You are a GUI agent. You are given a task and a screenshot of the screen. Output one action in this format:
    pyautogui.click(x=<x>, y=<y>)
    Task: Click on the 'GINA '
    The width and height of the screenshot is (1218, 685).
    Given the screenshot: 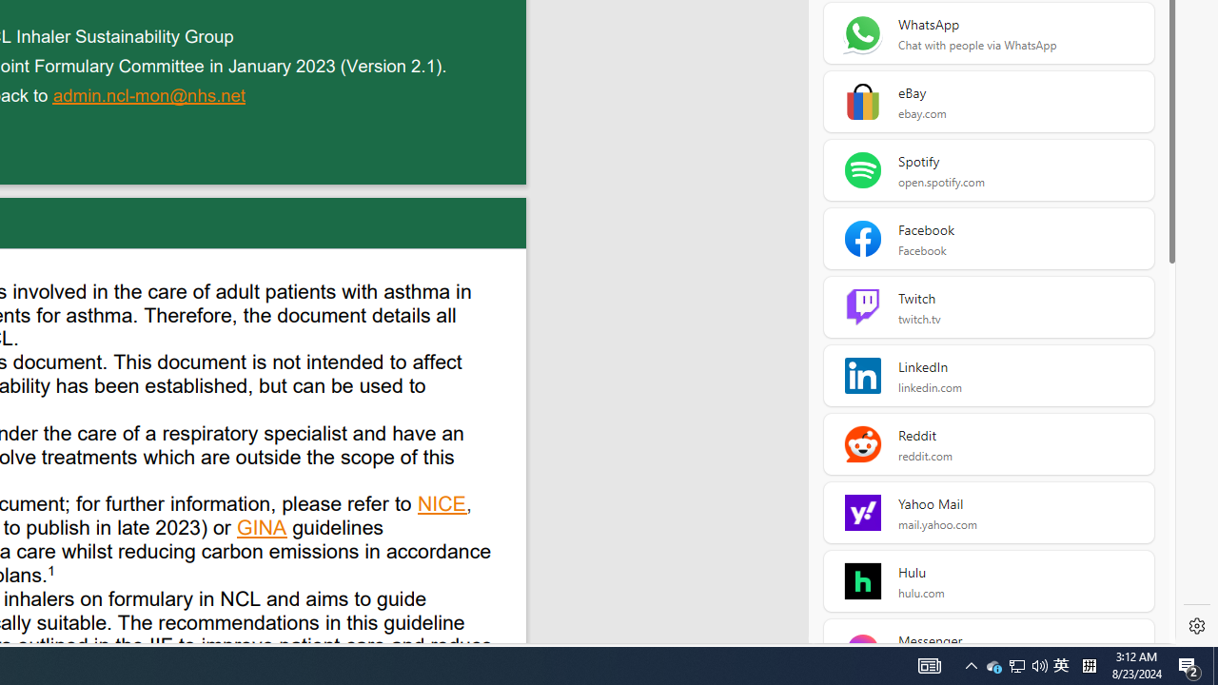 What is the action you would take?
    pyautogui.click(x=262, y=530)
    